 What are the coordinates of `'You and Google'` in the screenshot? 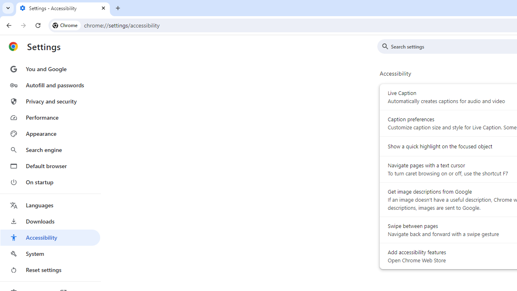 It's located at (50, 69).